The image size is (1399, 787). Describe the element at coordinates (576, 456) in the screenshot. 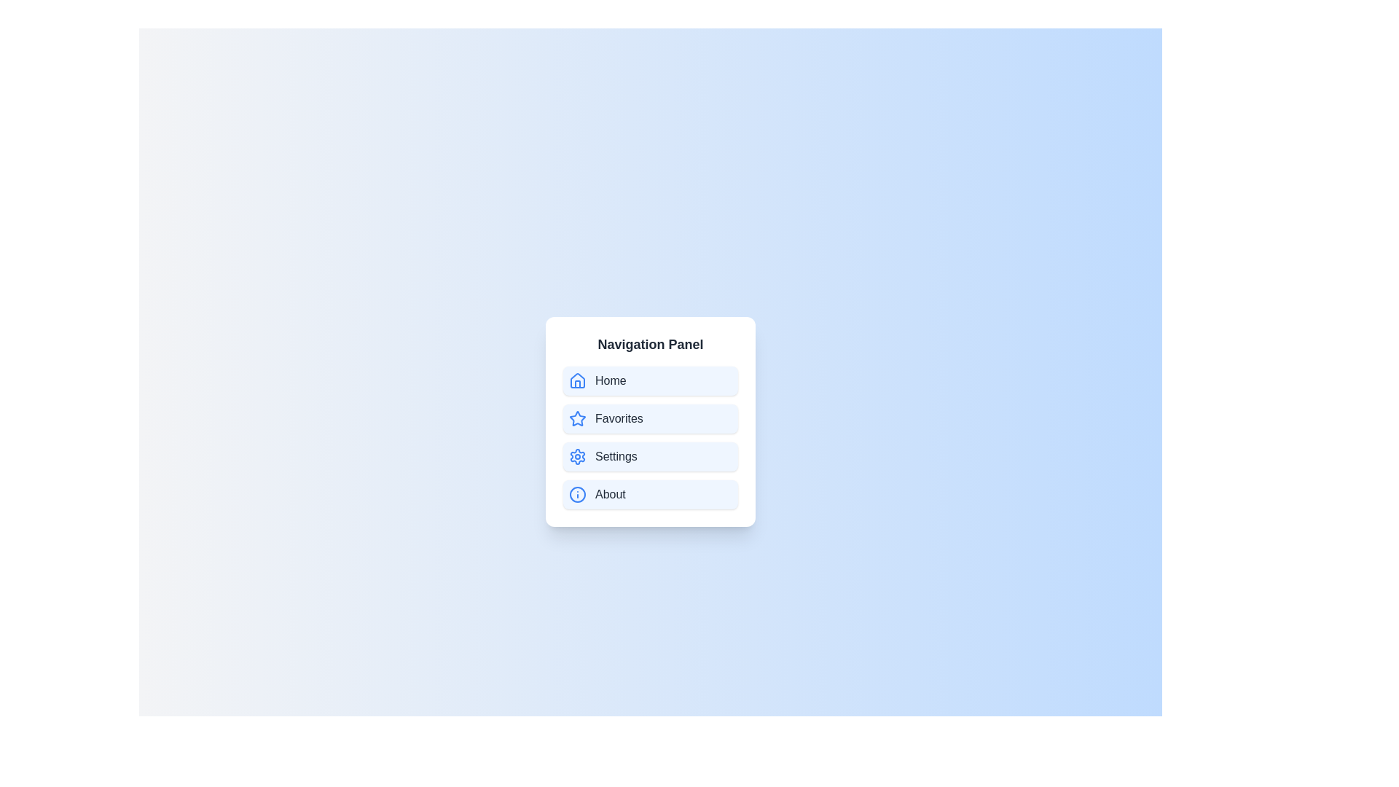

I see `the 'Settings' icon located to the left of the text label 'Settings'` at that location.